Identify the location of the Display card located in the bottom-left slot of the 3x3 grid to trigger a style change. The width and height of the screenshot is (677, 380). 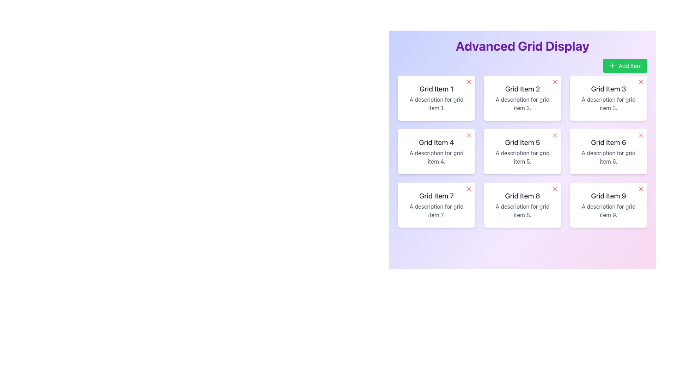
(436, 205).